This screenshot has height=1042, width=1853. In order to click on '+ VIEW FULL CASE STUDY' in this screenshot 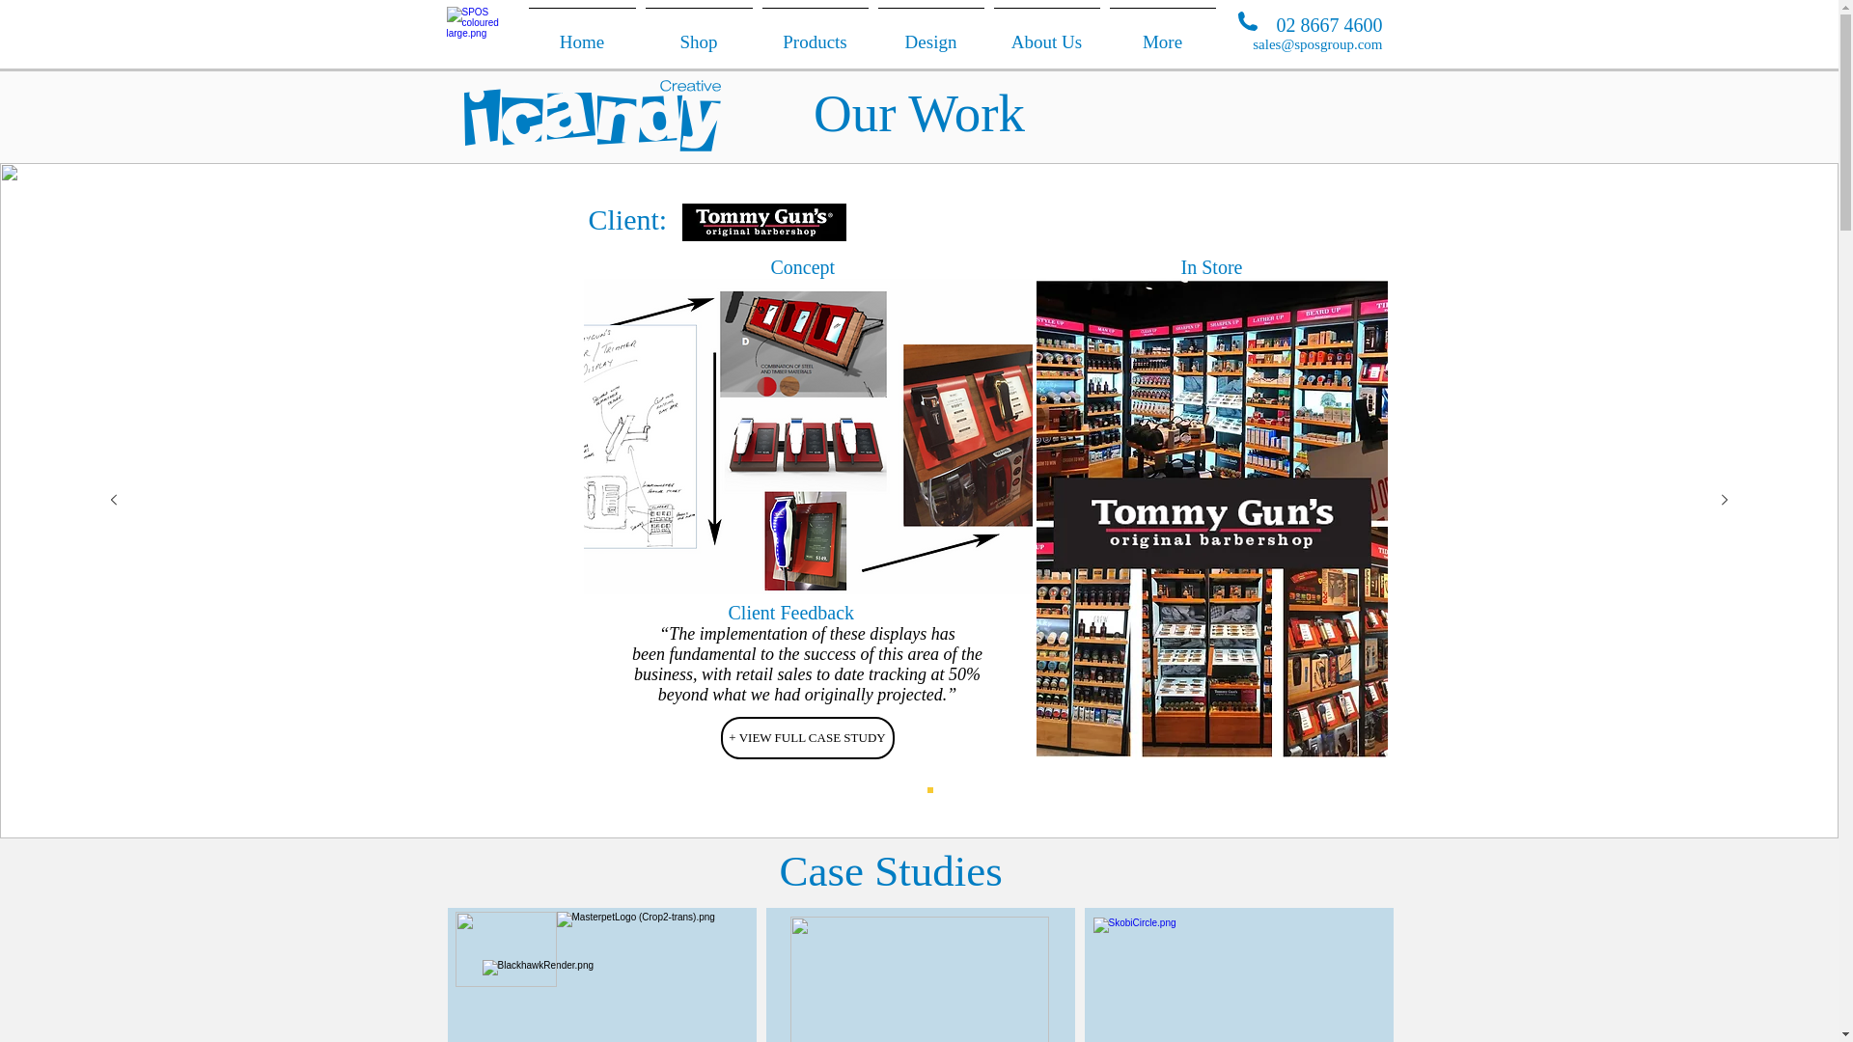, I will do `click(806, 737)`.